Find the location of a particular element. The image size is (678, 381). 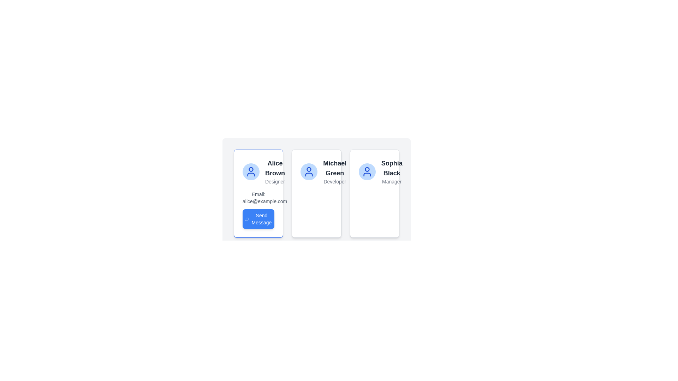

the text label that represents the individual's name in the first profile card, located at the top center just below the avatar icon is located at coordinates (274, 168).